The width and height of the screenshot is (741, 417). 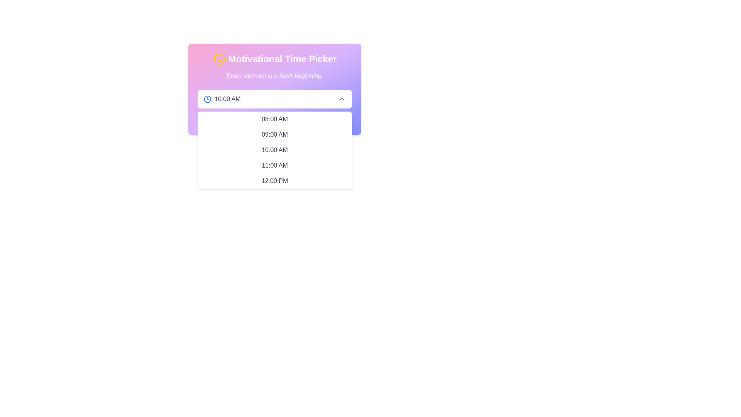 I want to click on the centrally located dropdown selector in the 'Motivational Time Picker' panel, so click(x=274, y=99).